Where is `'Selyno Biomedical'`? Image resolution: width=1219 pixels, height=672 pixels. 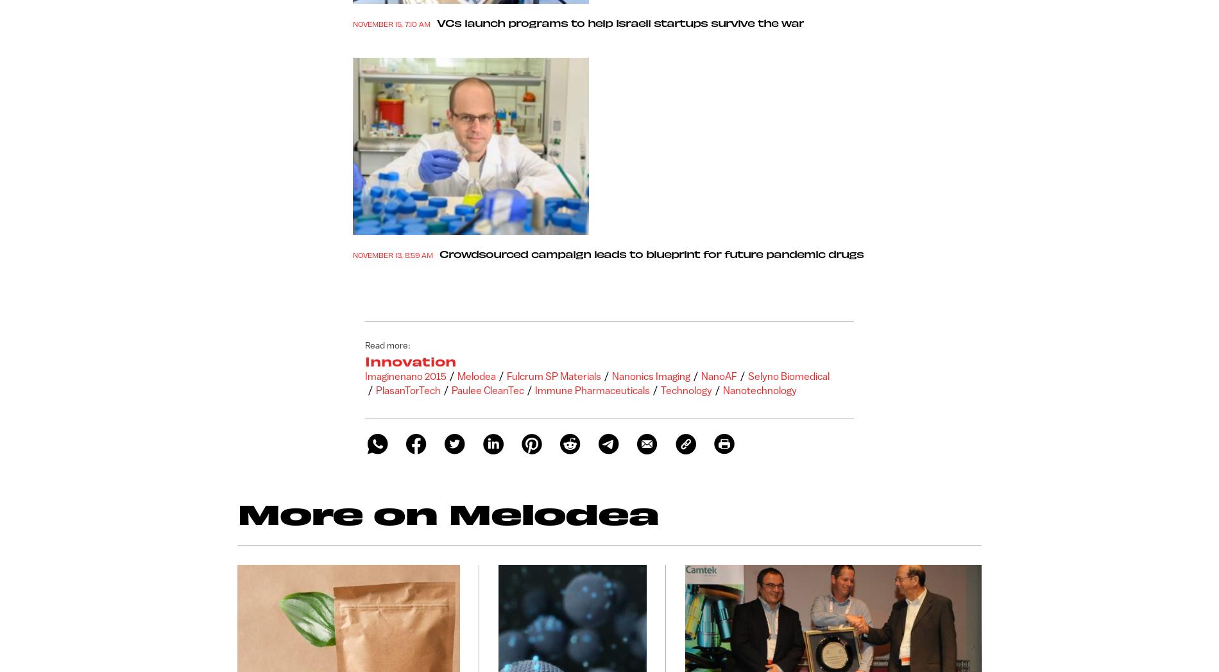 'Selyno Biomedical' is located at coordinates (788, 376).